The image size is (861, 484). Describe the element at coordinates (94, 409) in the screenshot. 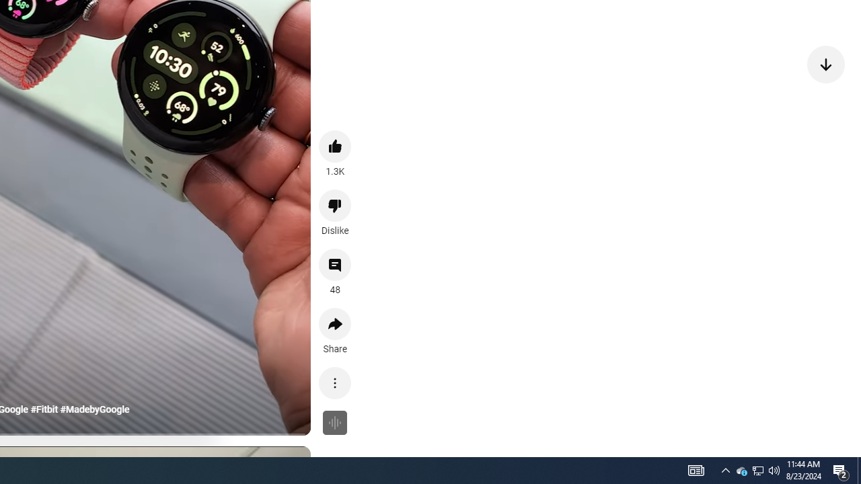

I see `'#MadebyGoogle'` at that location.